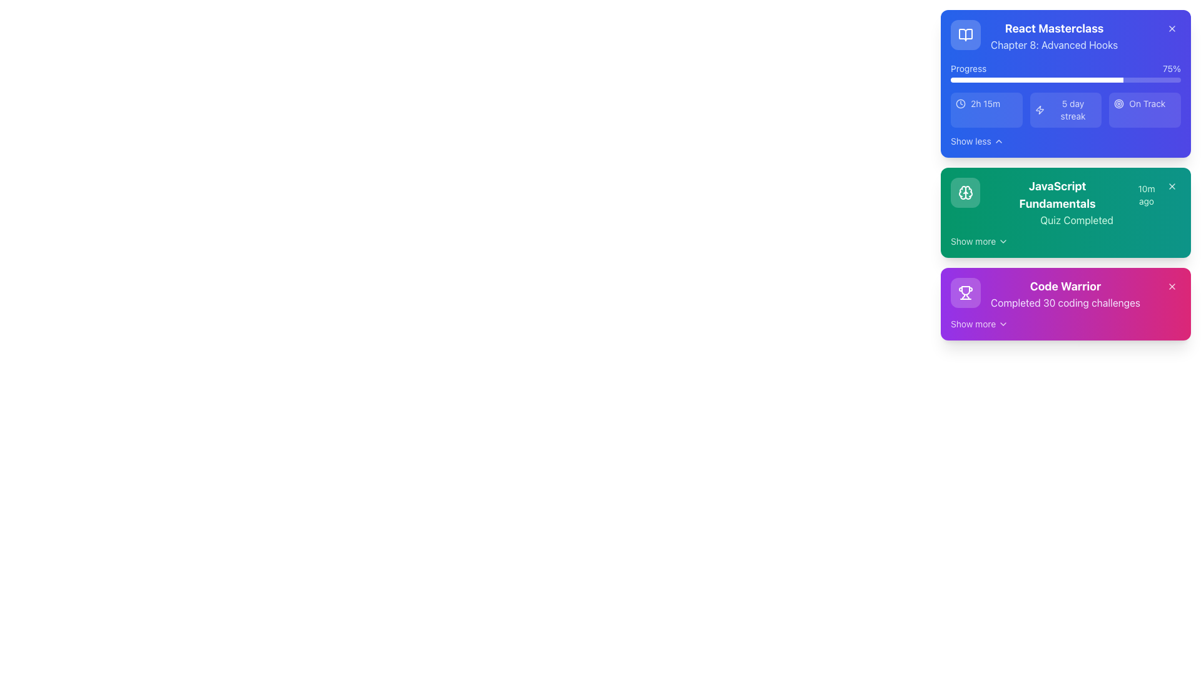 Image resolution: width=1201 pixels, height=676 pixels. Describe the element at coordinates (1040, 110) in the screenshot. I see `the lightning bolt icon located in the second section of the side panel` at that location.